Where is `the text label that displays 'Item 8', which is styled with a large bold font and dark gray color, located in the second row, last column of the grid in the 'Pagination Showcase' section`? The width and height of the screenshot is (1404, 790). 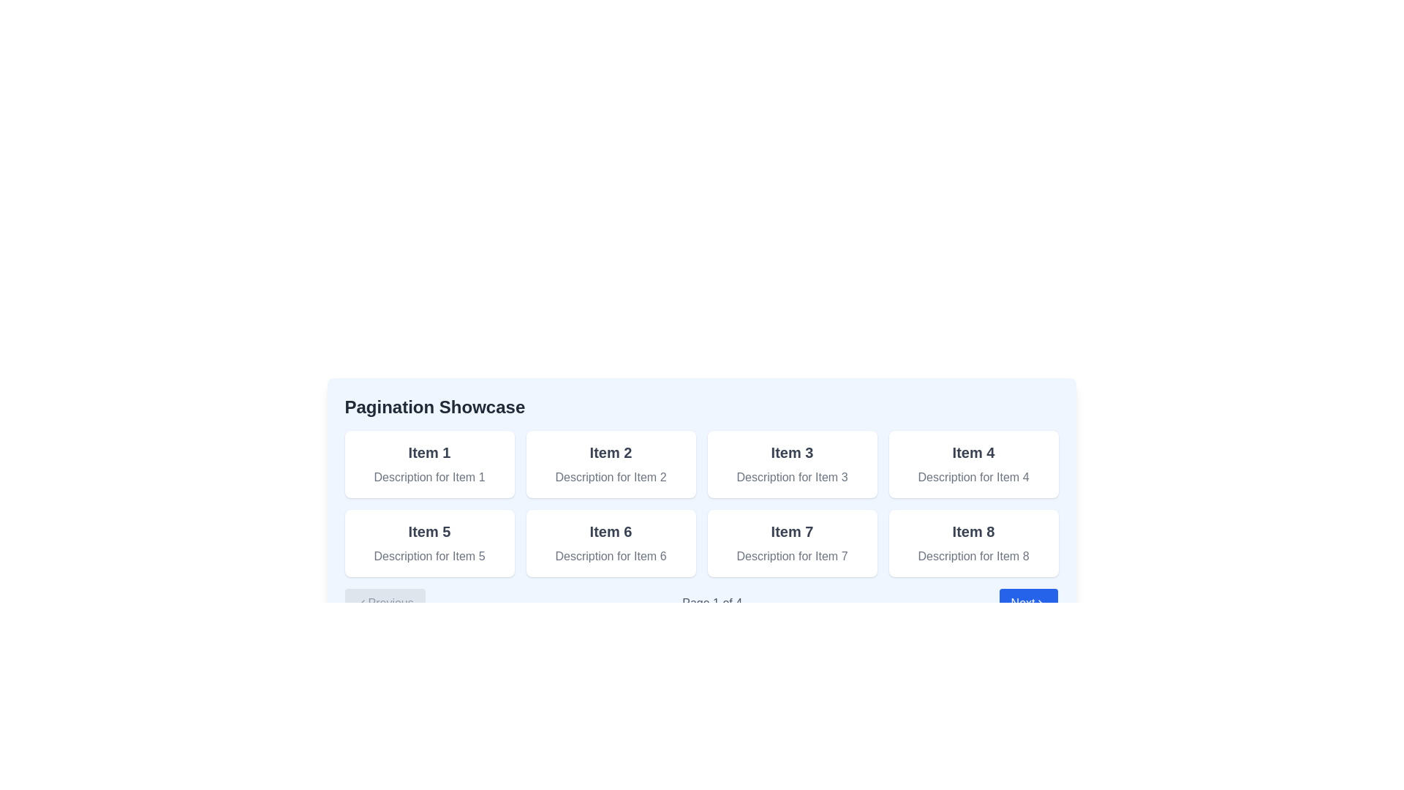
the text label that displays 'Item 8', which is styled with a large bold font and dark gray color, located in the second row, last column of the grid in the 'Pagination Showcase' section is located at coordinates (973, 531).